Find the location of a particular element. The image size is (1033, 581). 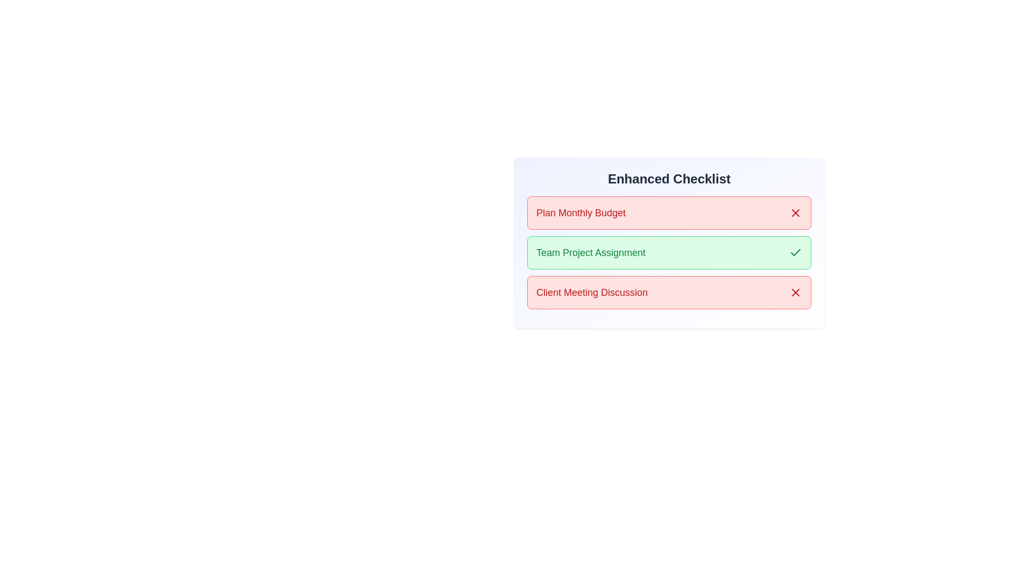

the cross button is located at coordinates (795, 292).